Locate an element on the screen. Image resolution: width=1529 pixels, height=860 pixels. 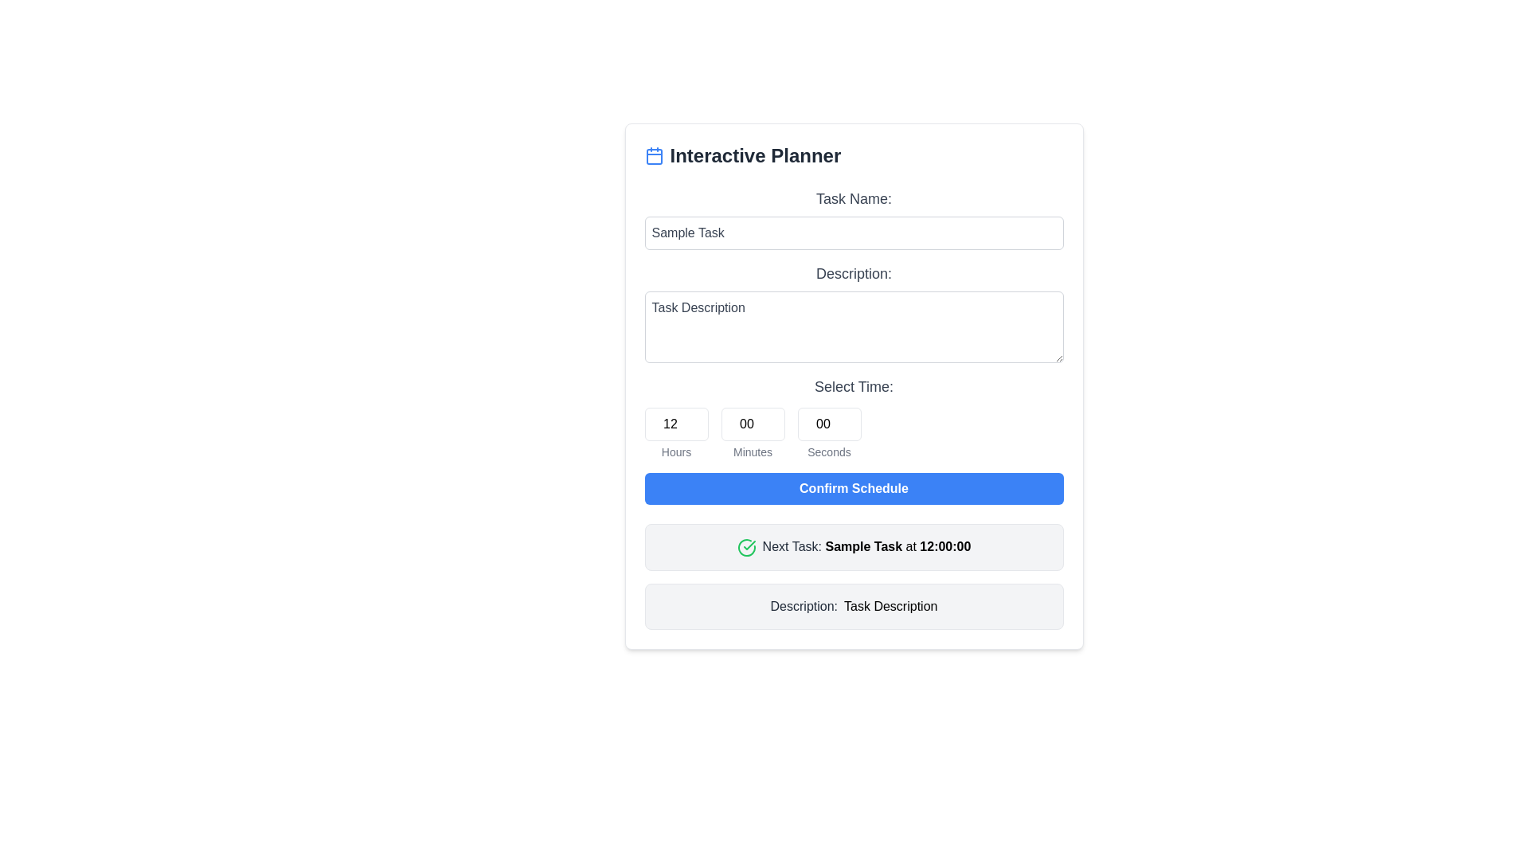
the text label displaying 'Description:' which is styled in bold, medium-sized dark gray font and positioned between the 'Task Name:' label and the 'Task Description' input field is located at coordinates (853, 272).